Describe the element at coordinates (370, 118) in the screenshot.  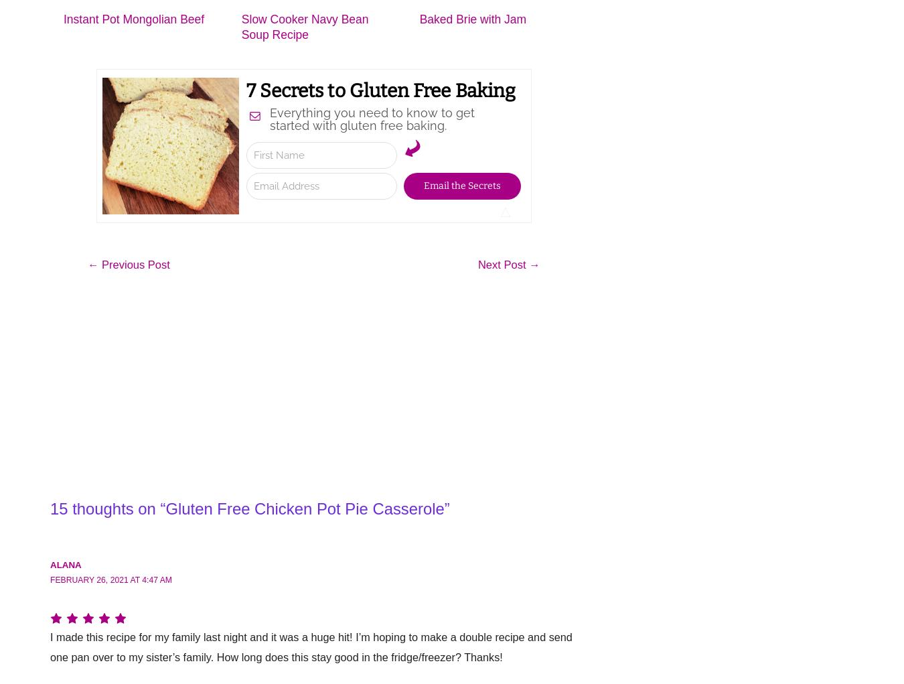
I see `'Everything you need to know to get started with gluten free baking.'` at that location.